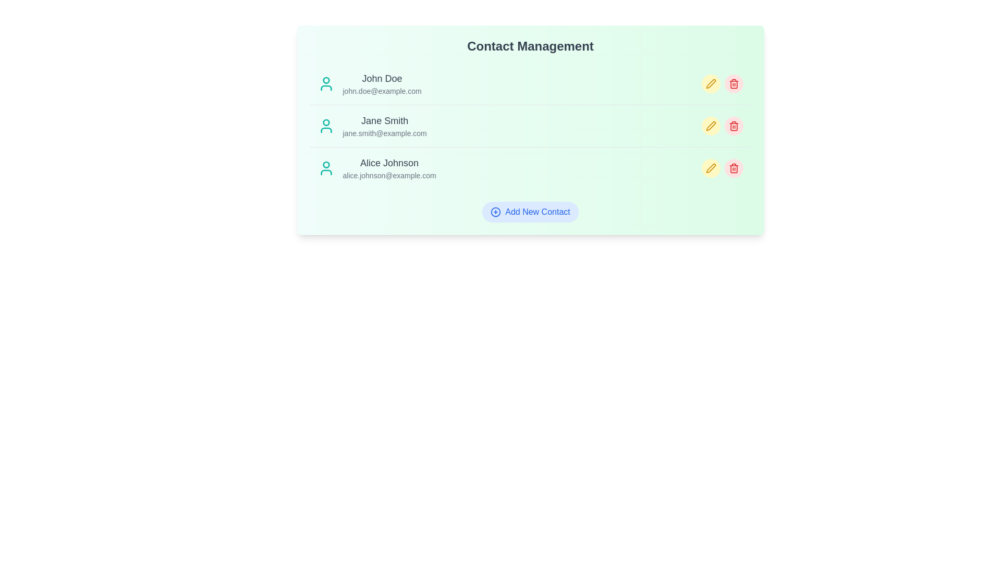 The height and width of the screenshot is (563, 1001). Describe the element at coordinates (733, 168) in the screenshot. I see `delete icon next to the contact with name Alice Johnson` at that location.